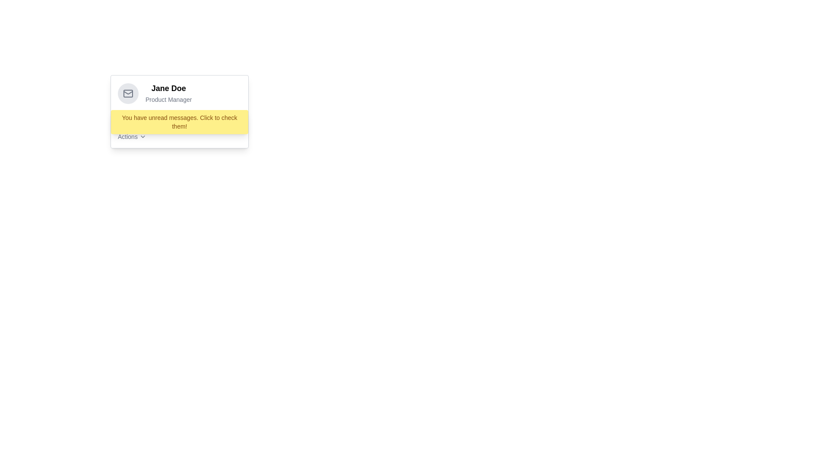 This screenshot has height=466, width=829. Describe the element at coordinates (128, 93) in the screenshot. I see `the message icon indicating unread messages located at the top-left corner of the user information panel` at that location.